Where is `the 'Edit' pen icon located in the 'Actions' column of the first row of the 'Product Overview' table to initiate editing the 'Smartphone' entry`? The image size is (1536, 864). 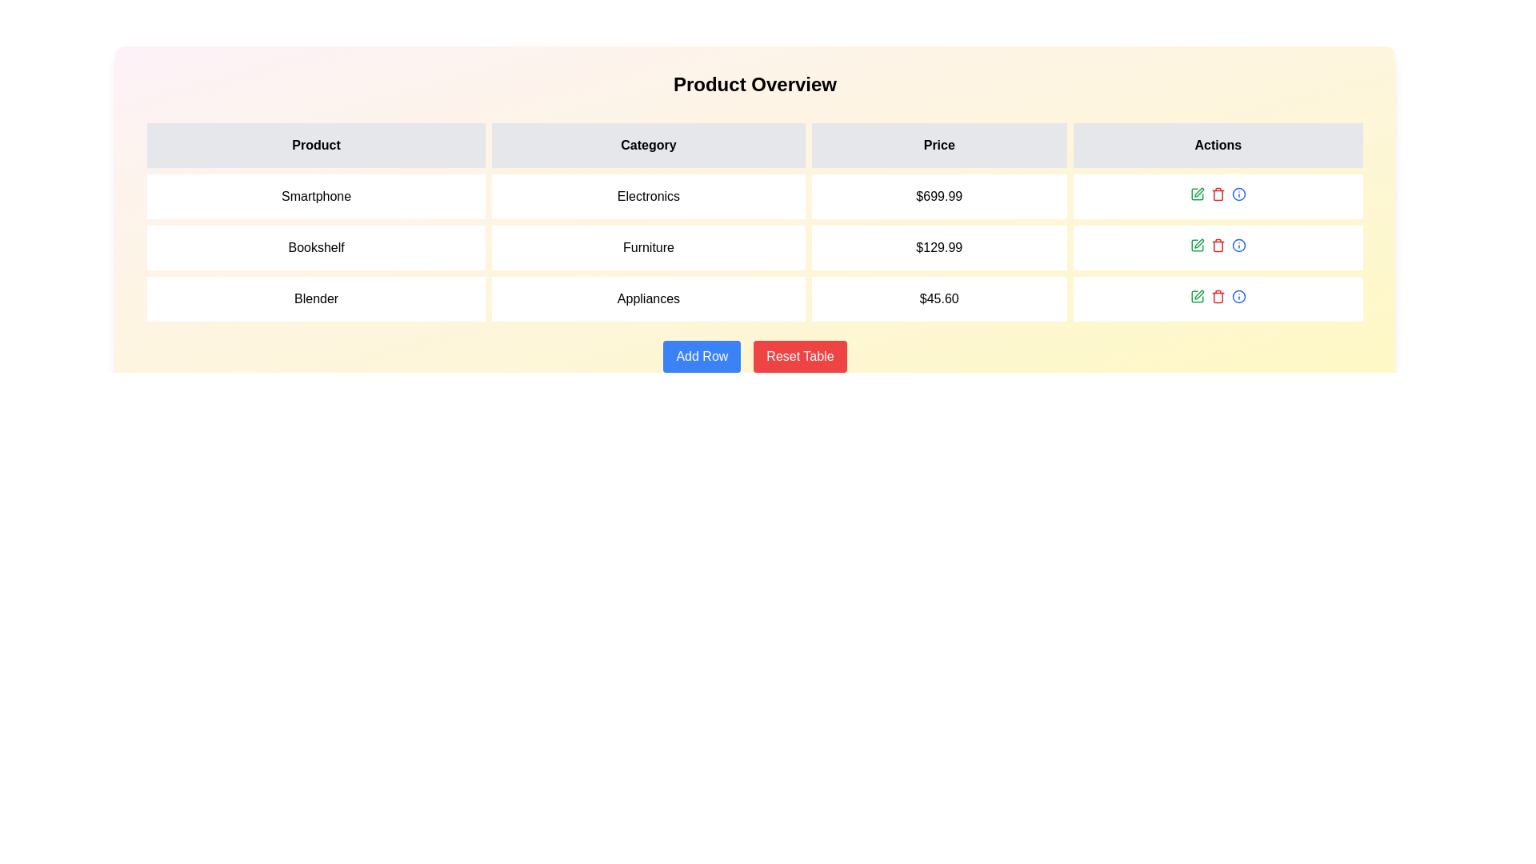
the 'Edit' pen icon located in the 'Actions' column of the first row of the 'Product Overview' table to initiate editing the 'Smartphone' entry is located at coordinates (1198, 190).